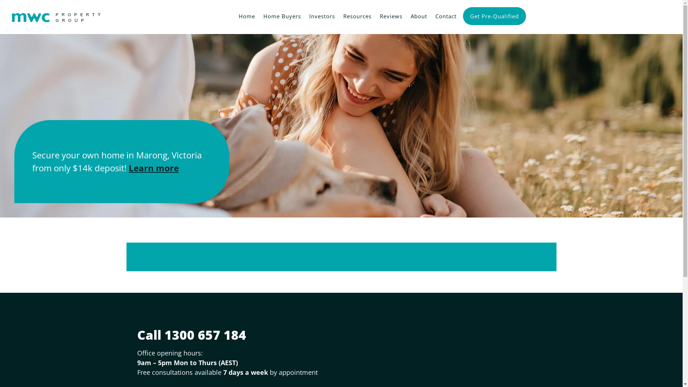 Image resolution: width=688 pixels, height=387 pixels. What do you see at coordinates (390, 15) in the screenshot?
I see `'Reviews'` at bounding box center [390, 15].